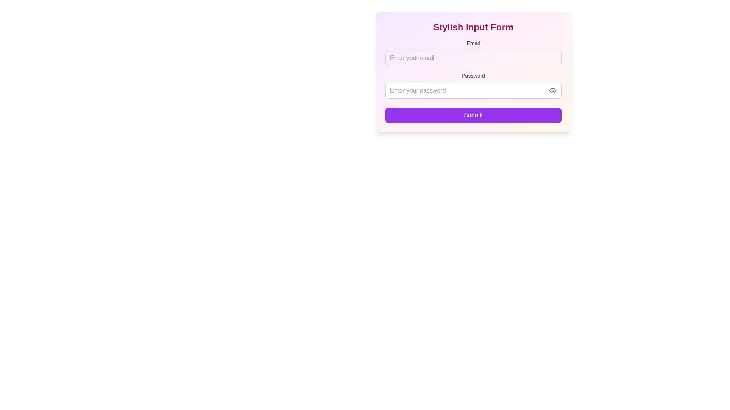 This screenshot has height=410, width=730. Describe the element at coordinates (473, 115) in the screenshot. I see `the 'Submit' button with a vibrant purple background to change its color upon hover` at that location.